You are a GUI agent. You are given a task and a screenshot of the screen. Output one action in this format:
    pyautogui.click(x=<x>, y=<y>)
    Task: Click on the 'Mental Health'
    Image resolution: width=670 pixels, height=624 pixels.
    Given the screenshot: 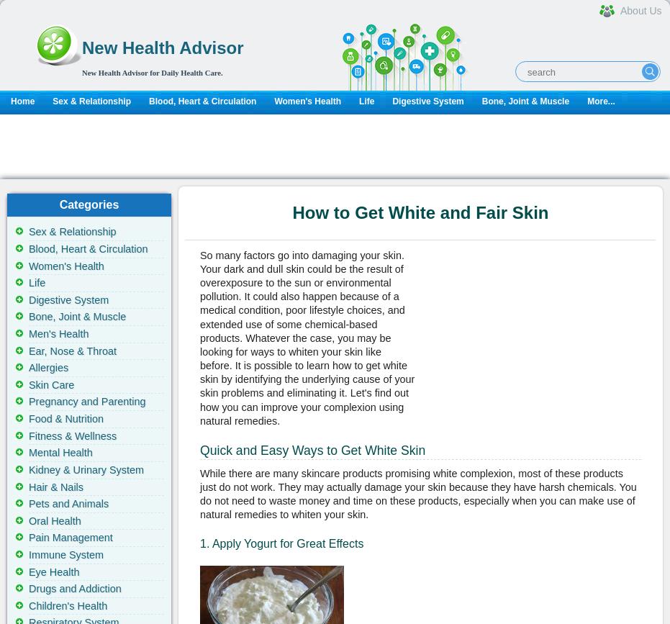 What is the action you would take?
    pyautogui.click(x=28, y=452)
    